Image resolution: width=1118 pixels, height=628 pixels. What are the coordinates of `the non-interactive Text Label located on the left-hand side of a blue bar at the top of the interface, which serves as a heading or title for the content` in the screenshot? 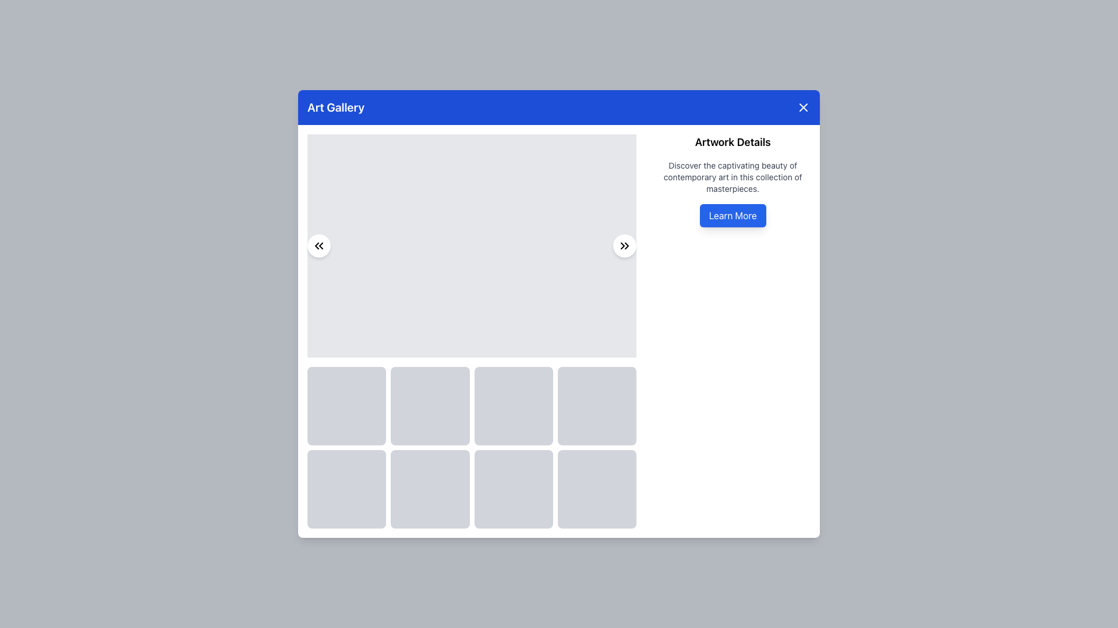 It's located at (335, 107).